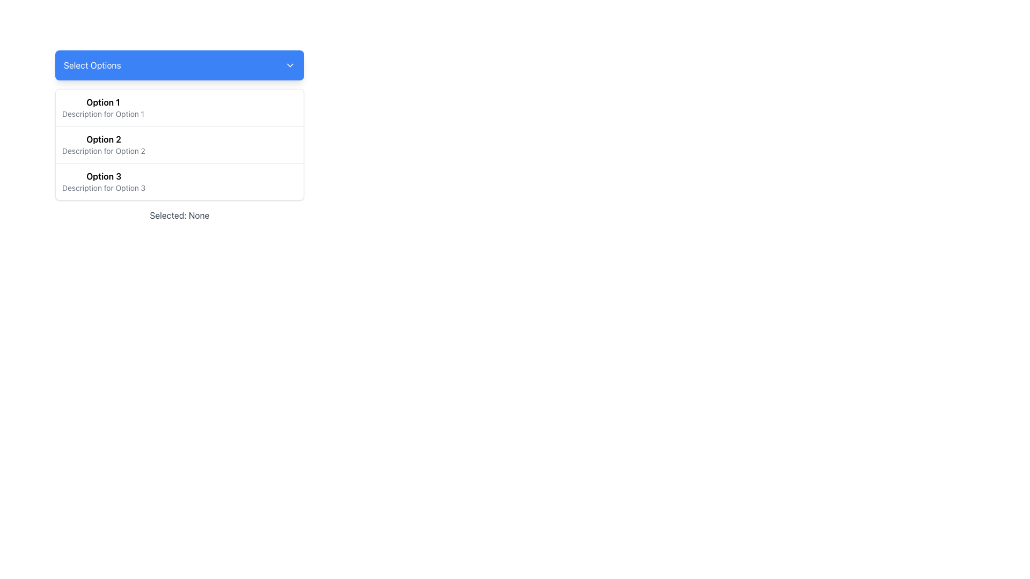 The height and width of the screenshot is (579, 1030). Describe the element at coordinates (180, 215) in the screenshot. I see `status displayed in the static text label located at the bottom of the dropdown component, which indicates the currently selected option` at that location.